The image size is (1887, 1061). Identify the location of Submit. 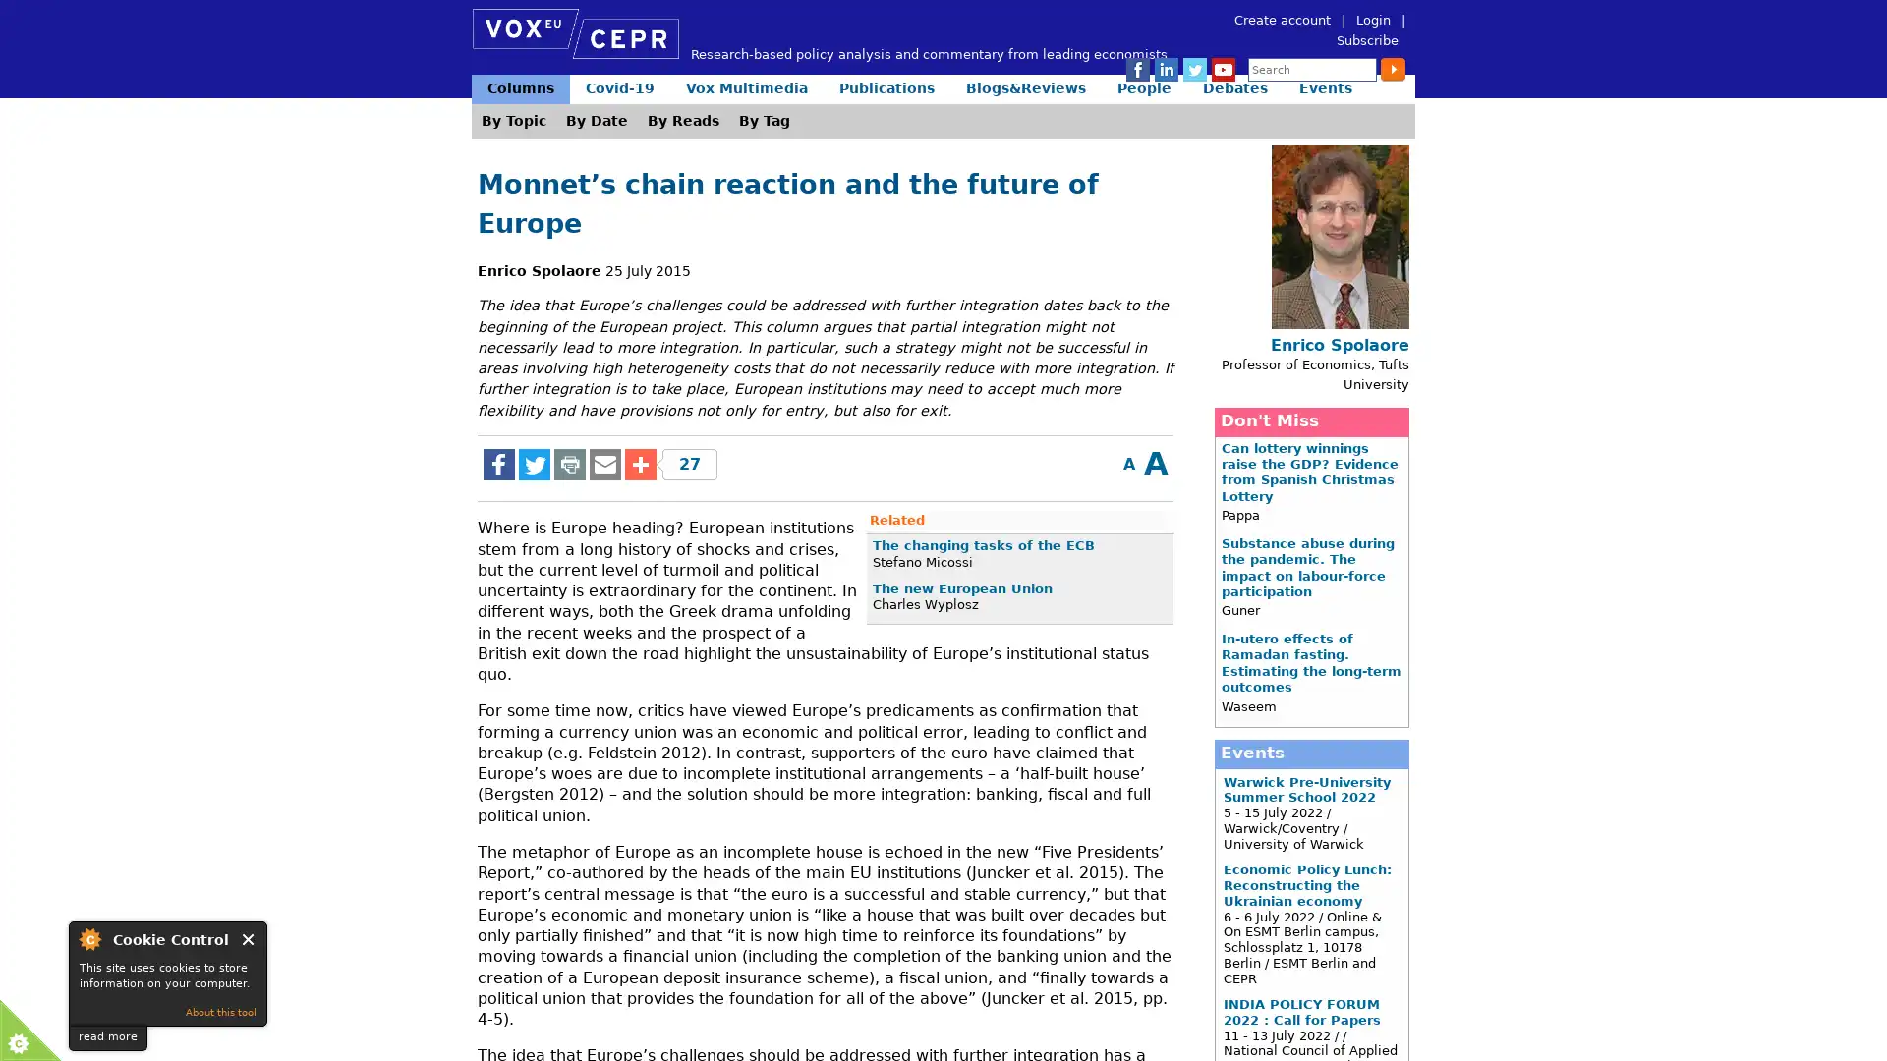
(1392, 67).